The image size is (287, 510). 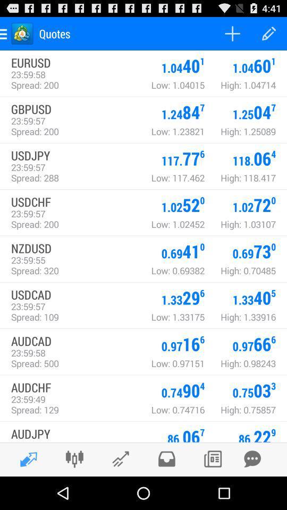 I want to click on the sliders icon, so click(x=74, y=491).